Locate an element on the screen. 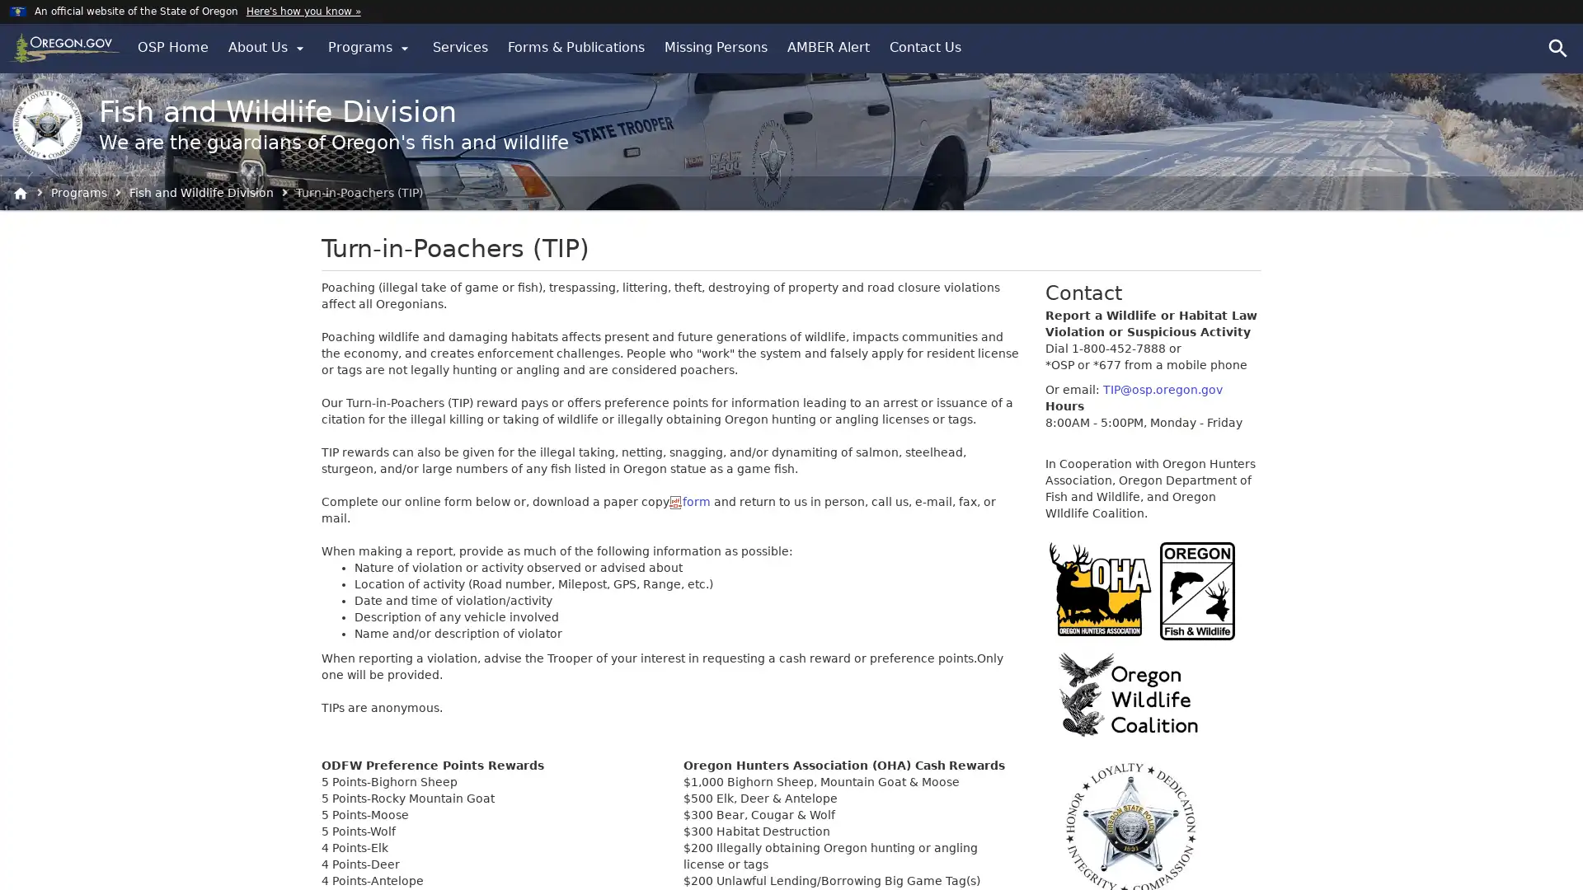 Image resolution: width=1583 pixels, height=890 pixels. Here's how you know is located at coordinates (303, 10).